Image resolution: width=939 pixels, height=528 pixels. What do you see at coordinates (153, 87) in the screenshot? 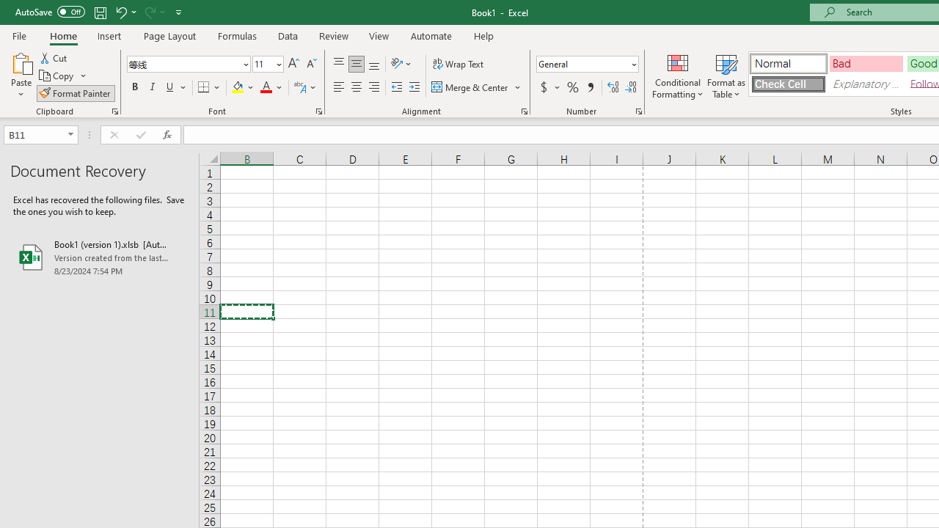
I see `'Italic'` at bounding box center [153, 87].